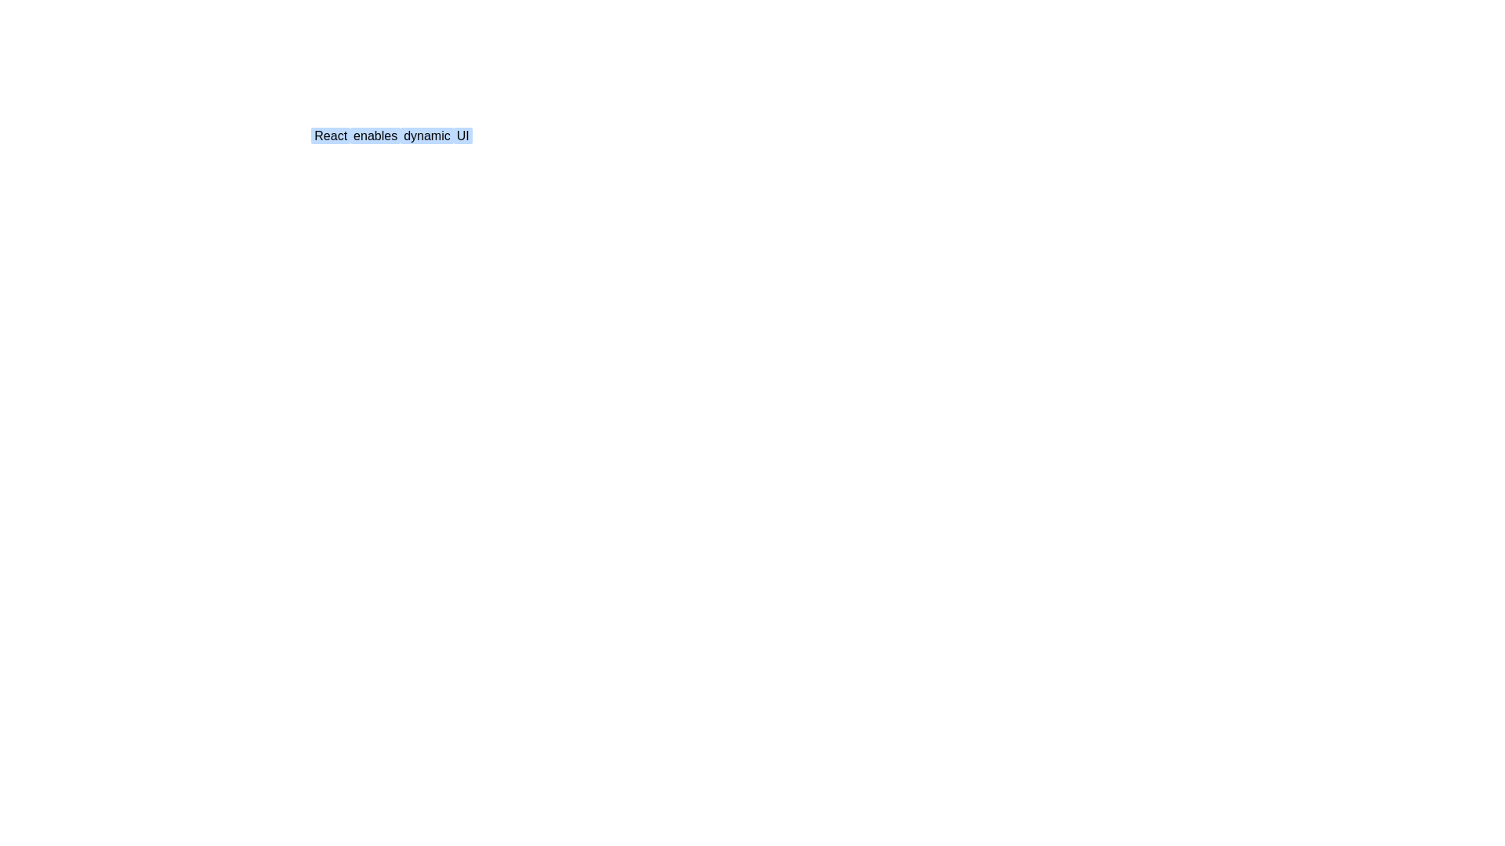  What do you see at coordinates (462, 135) in the screenshot?
I see `text label element displaying 'UI', which is styled with a rounded blue background and is the last in a horizontal sequence of similar text elements` at bounding box center [462, 135].